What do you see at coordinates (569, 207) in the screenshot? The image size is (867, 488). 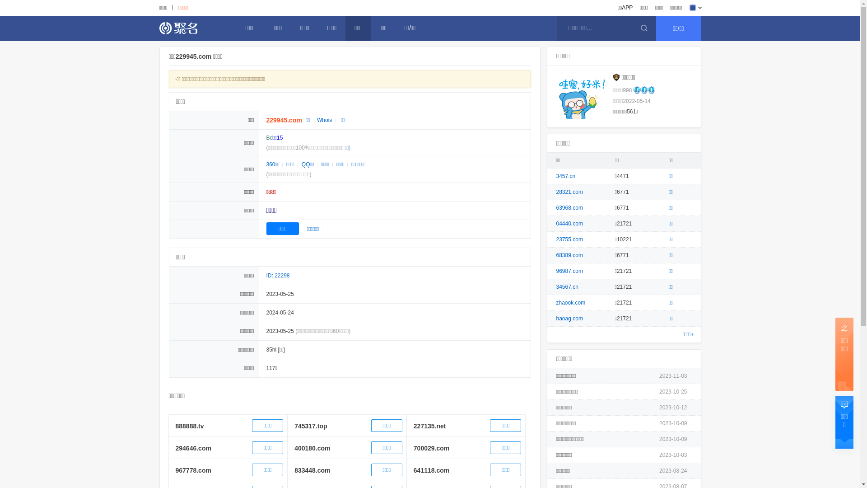 I see `'63968.com'` at bounding box center [569, 207].